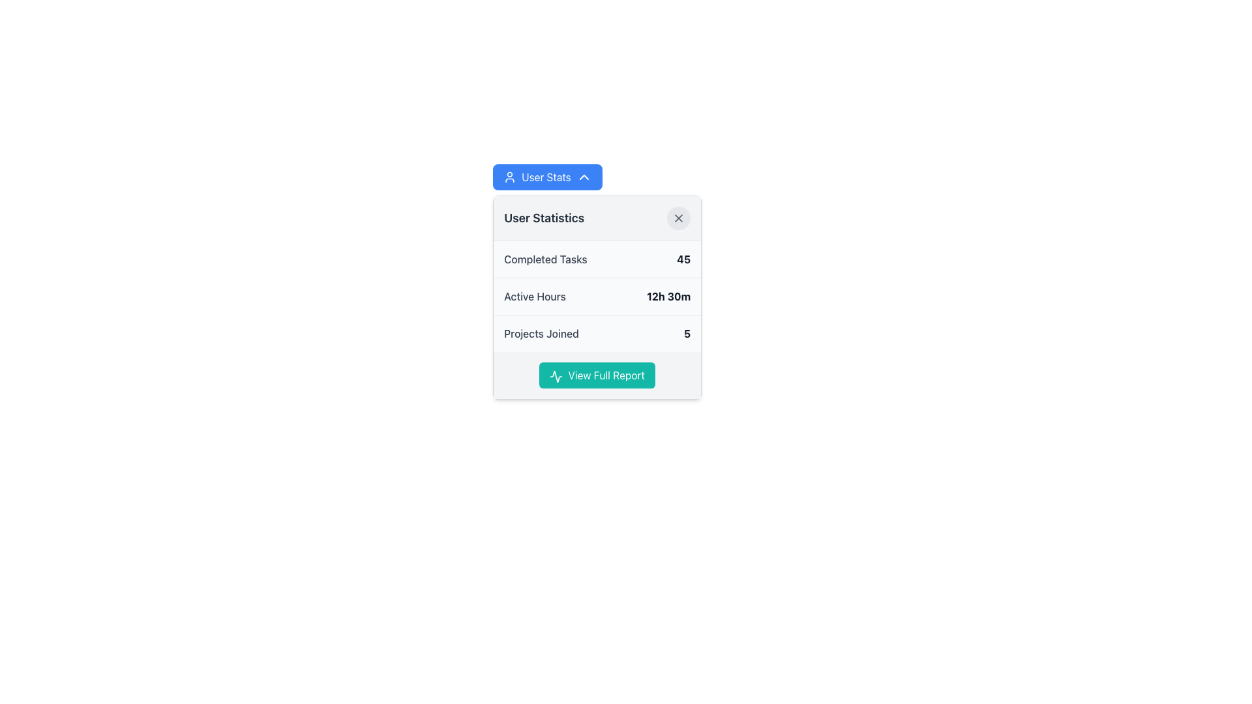 The image size is (1252, 704). Describe the element at coordinates (548, 177) in the screenshot. I see `the button located at the top of the popup interface, which toggles the visibility of the user statistics section` at that location.